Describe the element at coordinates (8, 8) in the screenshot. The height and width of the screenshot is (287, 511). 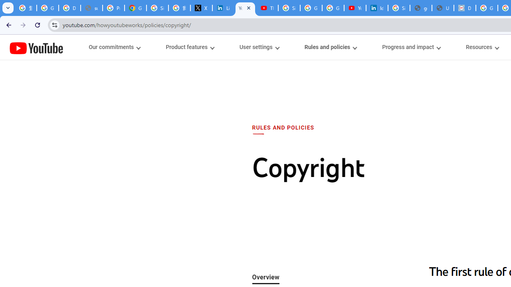
I see `'Search tabs'` at that location.